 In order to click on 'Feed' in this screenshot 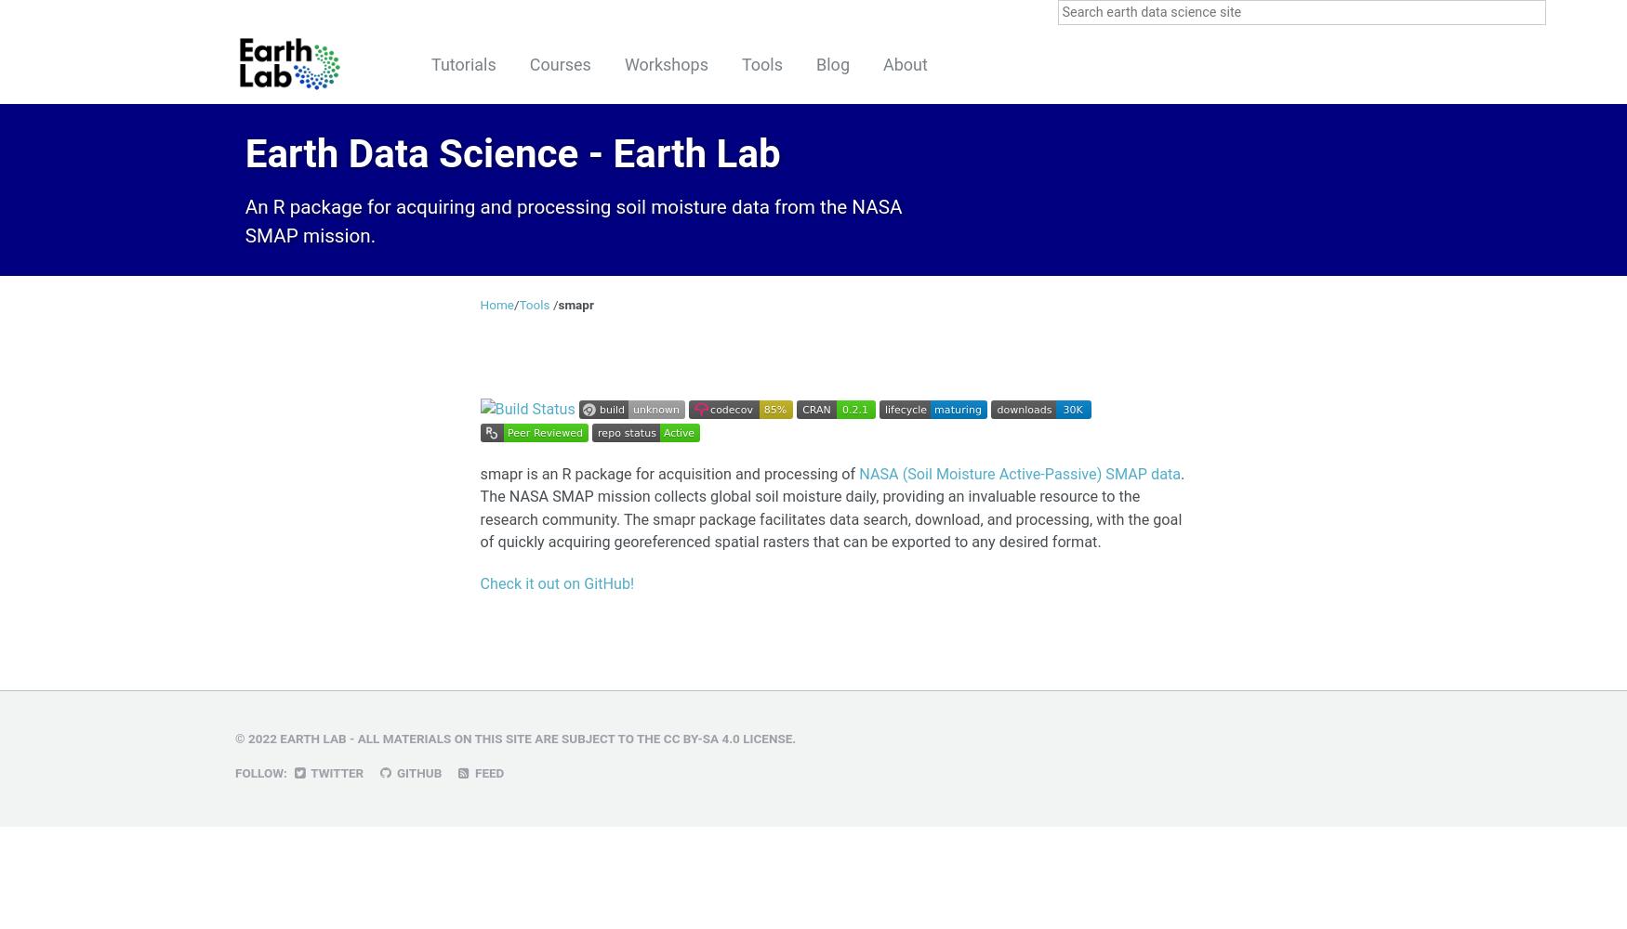, I will do `click(486, 772)`.